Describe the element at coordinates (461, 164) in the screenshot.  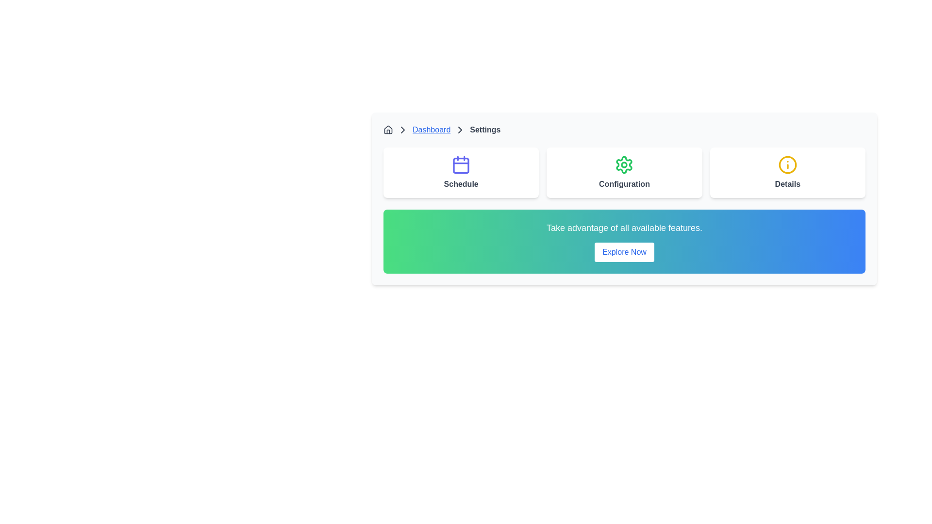
I see `the calendar icon located within the 'Schedule' card` at that location.